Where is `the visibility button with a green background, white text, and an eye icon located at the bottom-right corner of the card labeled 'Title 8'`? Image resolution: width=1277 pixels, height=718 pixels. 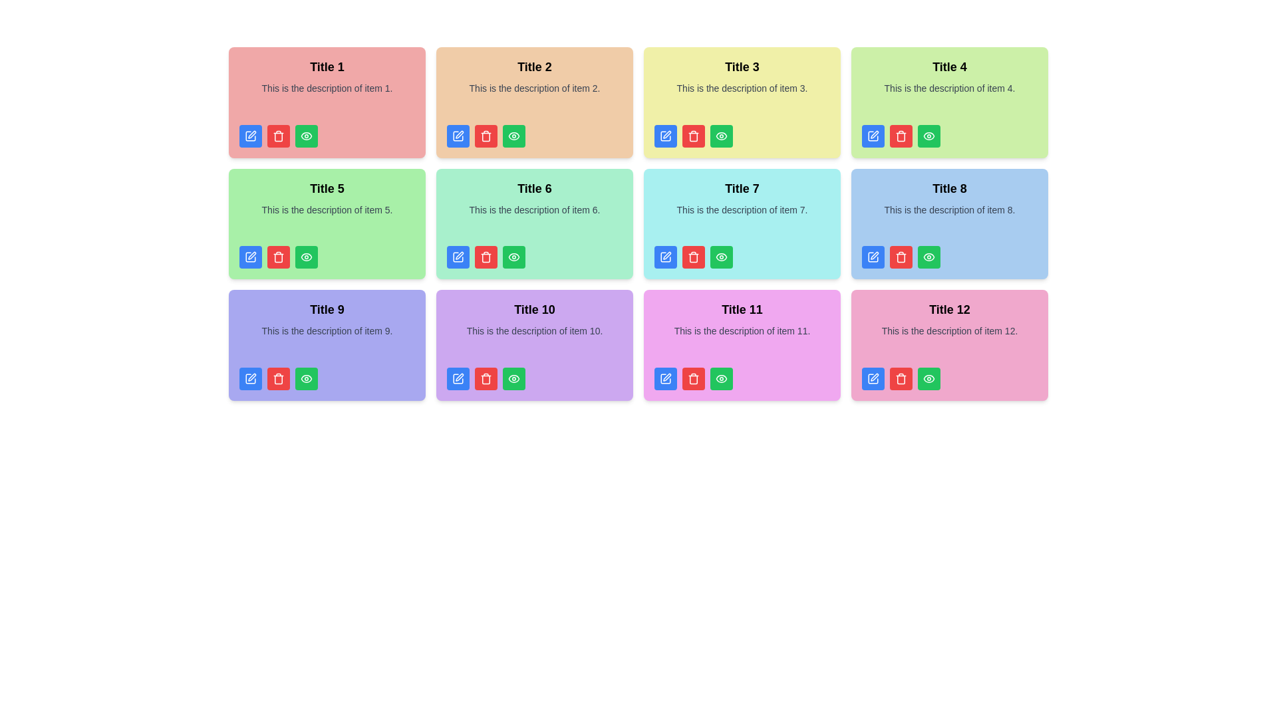
the visibility button with a green background, white text, and an eye icon located at the bottom-right corner of the card labeled 'Title 8' is located at coordinates (928, 257).